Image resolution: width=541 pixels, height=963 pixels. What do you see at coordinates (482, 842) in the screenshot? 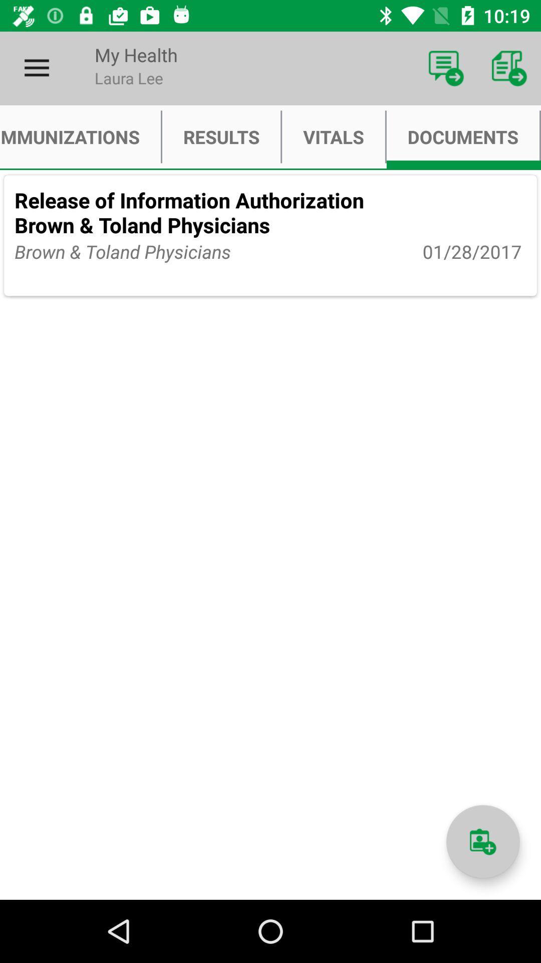
I see `sharre the article` at bounding box center [482, 842].